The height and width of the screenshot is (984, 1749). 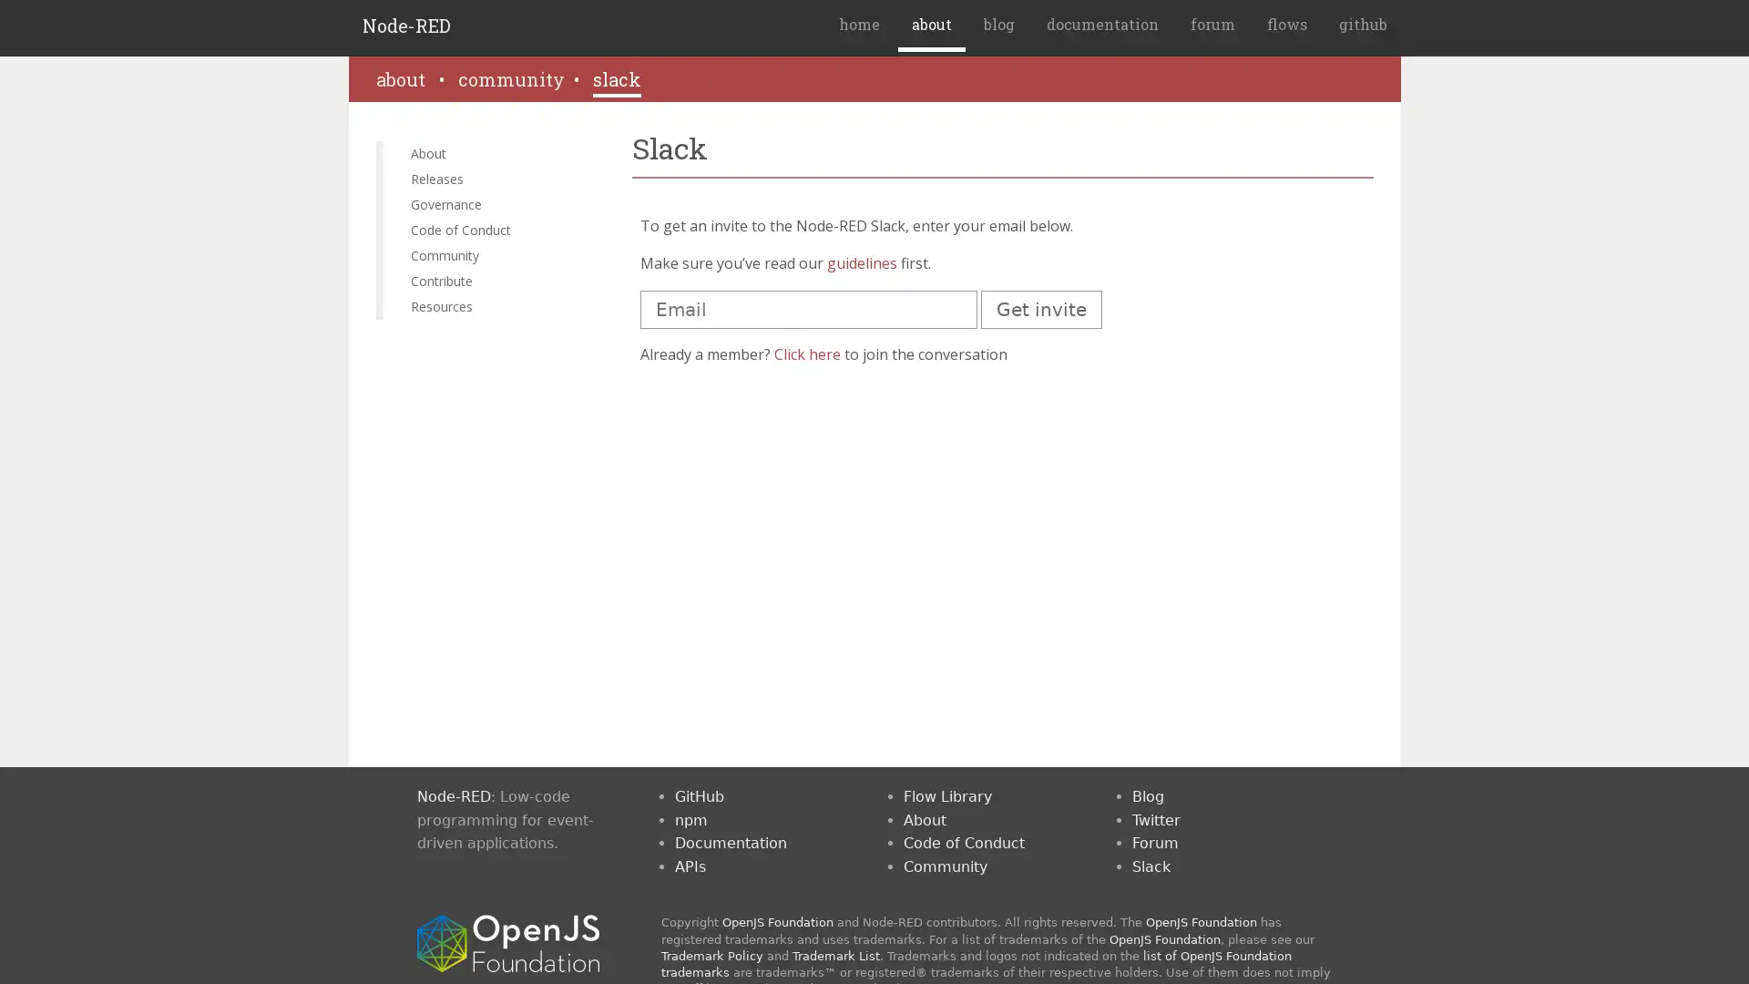 I want to click on Get invite, so click(x=1041, y=308).